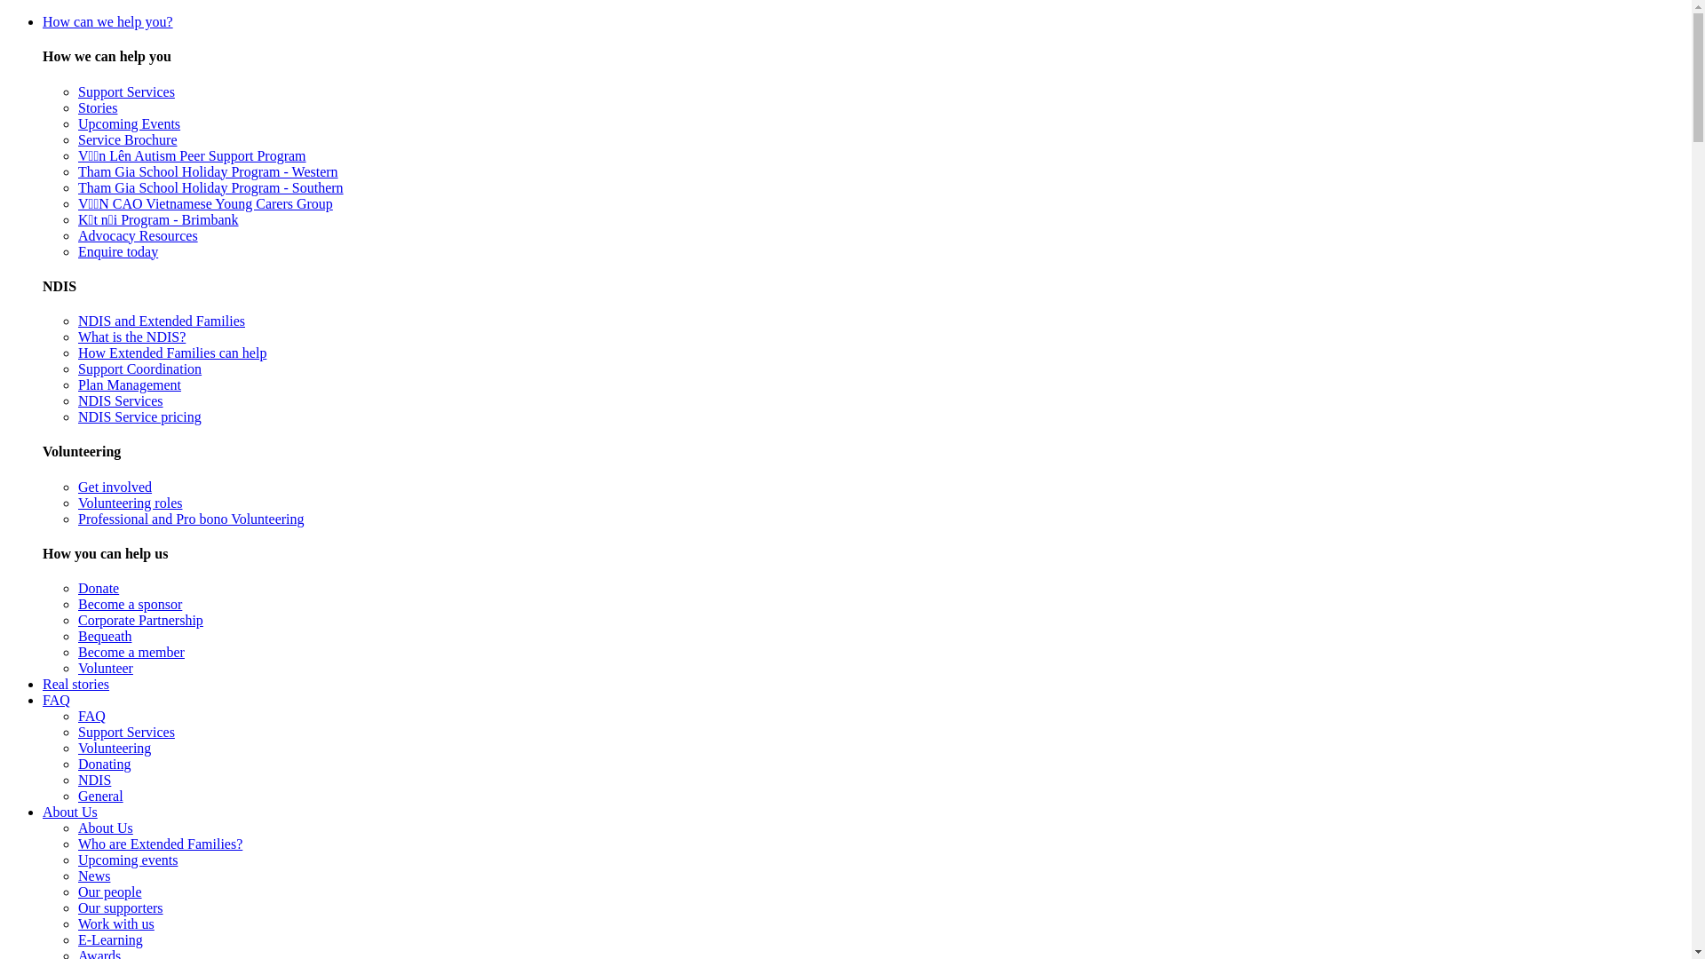 The height and width of the screenshot is (959, 1705). Describe the element at coordinates (117, 251) in the screenshot. I see `'Enquire today'` at that location.